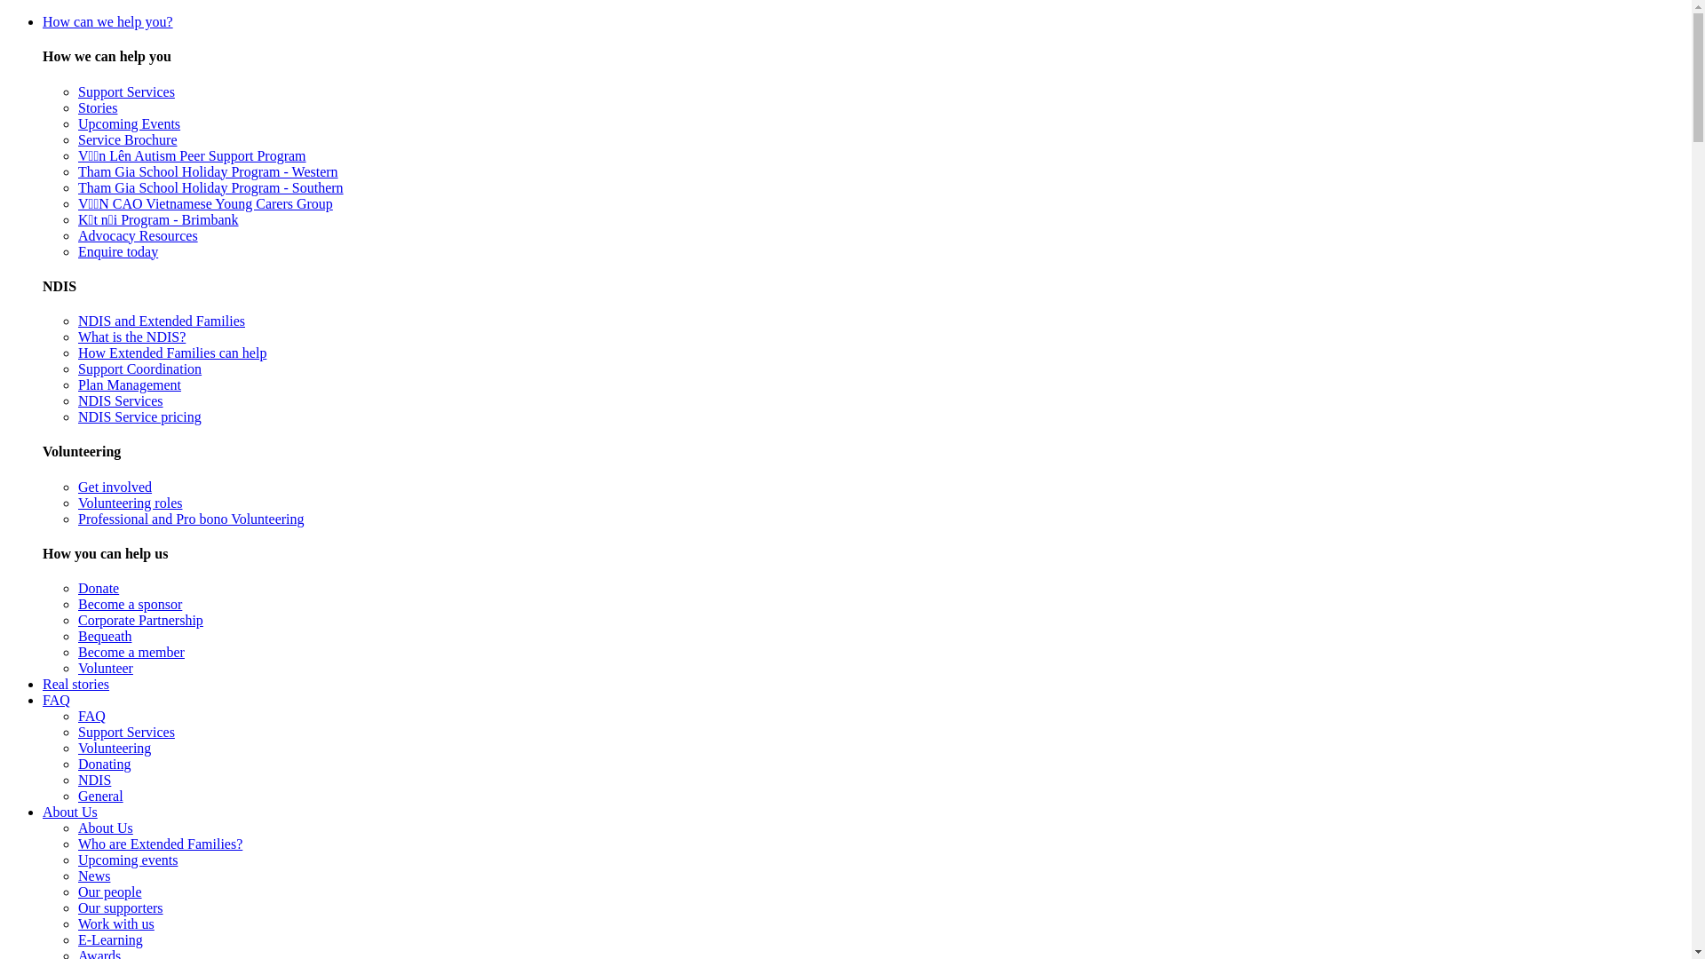 The height and width of the screenshot is (959, 1705). Describe the element at coordinates (117, 251) in the screenshot. I see `'Enquire today'` at that location.